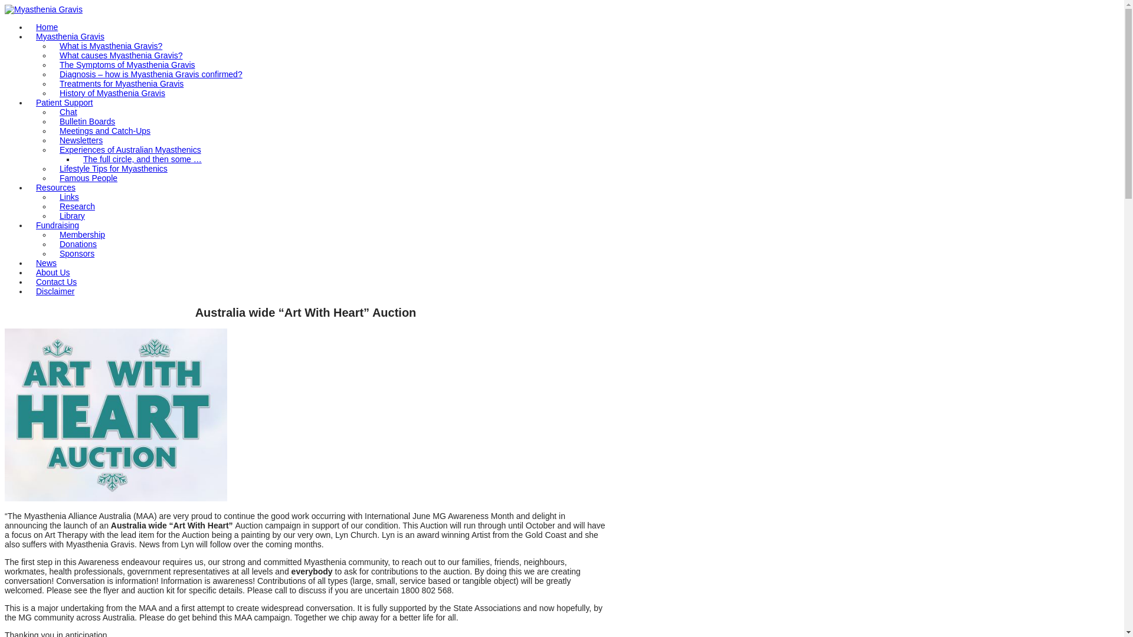 Image resolution: width=1133 pixels, height=637 pixels. I want to click on 'Bulletin Boards', so click(87, 121).